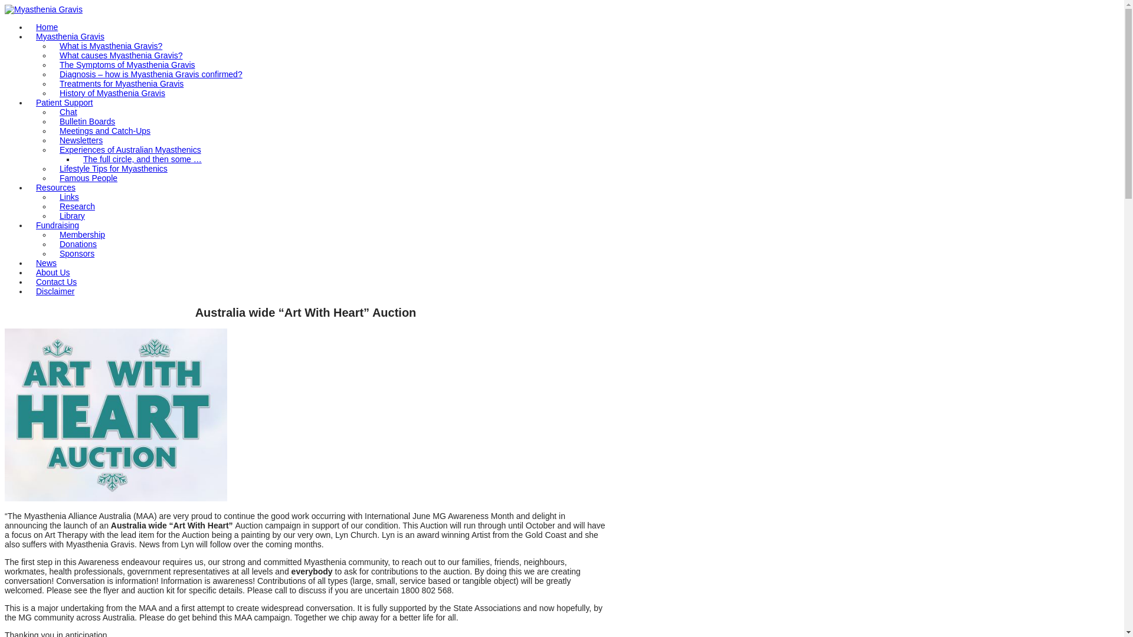 Image resolution: width=1133 pixels, height=637 pixels. I want to click on 'Bulletin Boards', so click(87, 121).